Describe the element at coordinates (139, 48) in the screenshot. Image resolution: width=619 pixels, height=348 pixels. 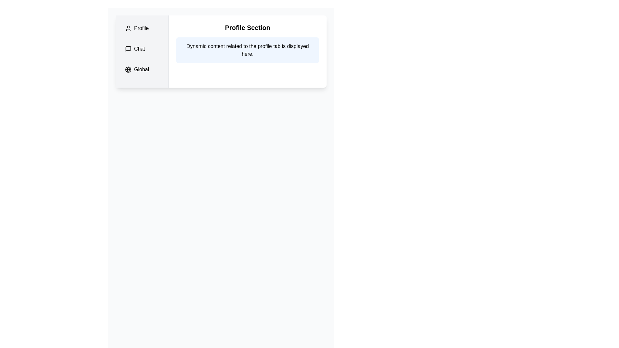
I see `the static text label that serves as a navigation label for the Chat section, located beside the speech bubble icon in the second row of the vertical navigation menu under the 'Profile' section` at that location.